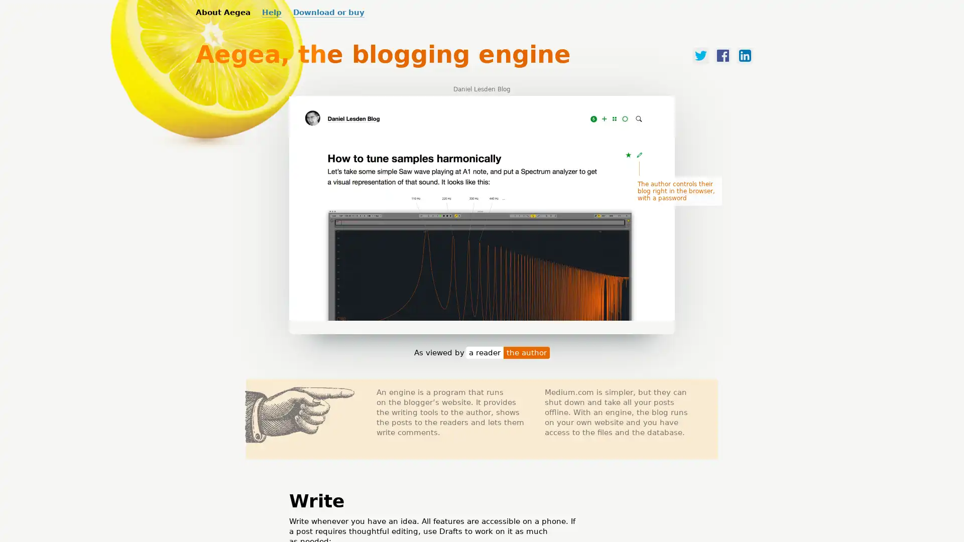 The height and width of the screenshot is (542, 964). Describe the element at coordinates (526, 359) in the screenshot. I see `the author` at that location.